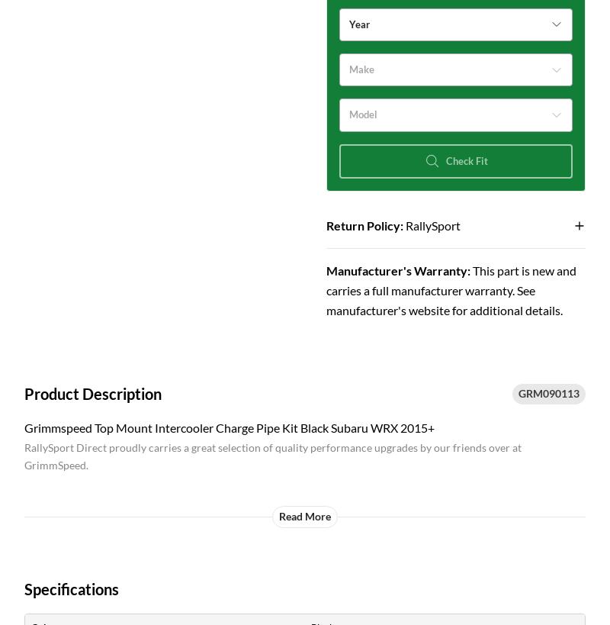 The height and width of the screenshot is (625, 610). Describe the element at coordinates (395, 11) in the screenshot. I see `'2020 Subaru WRX'` at that location.